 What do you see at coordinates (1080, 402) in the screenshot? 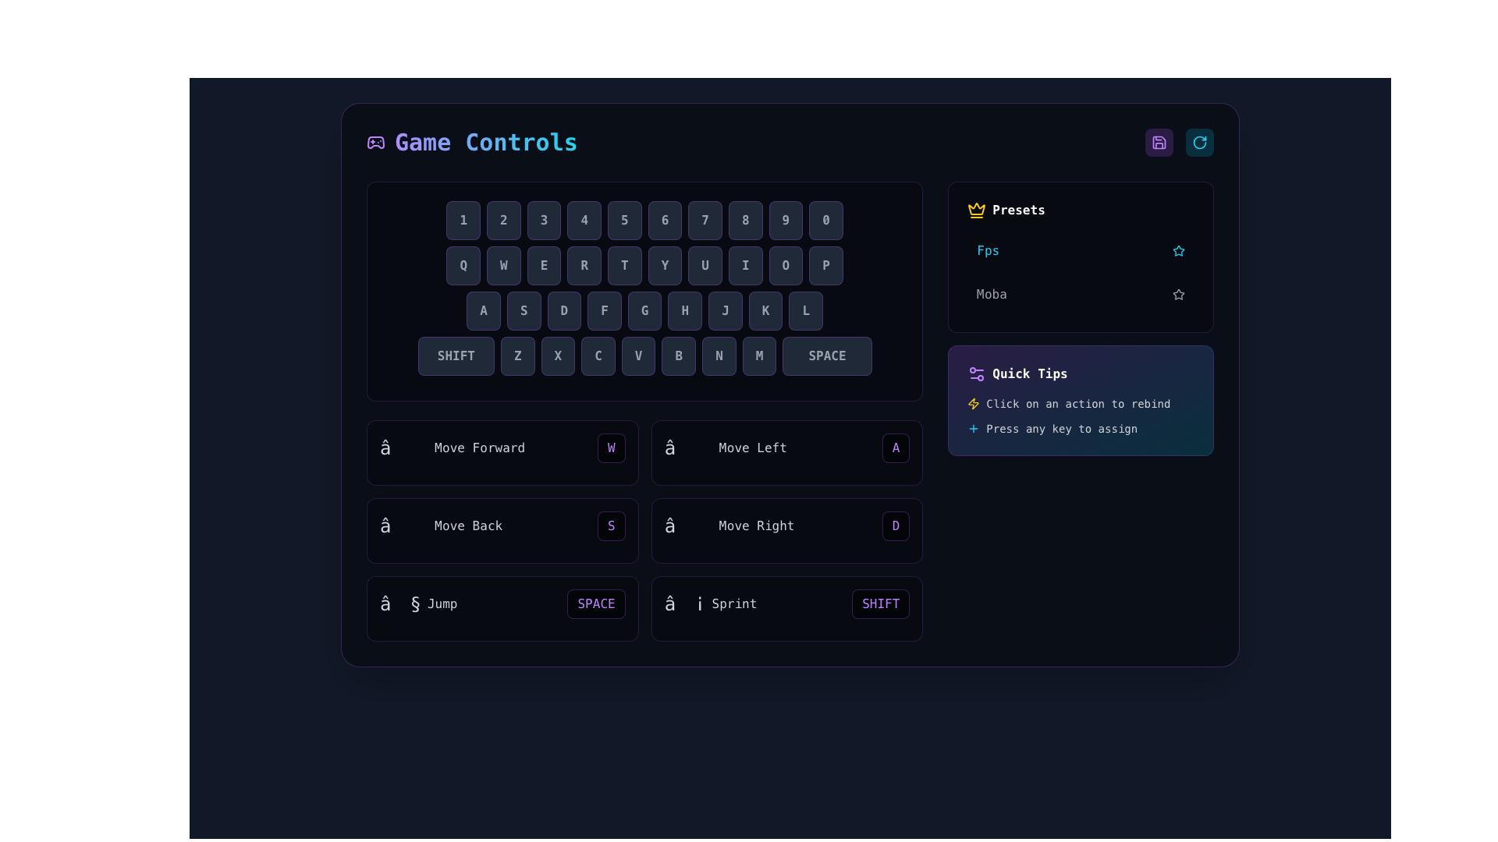
I see `instructional text displaying 'Click on an action to rebind' which is accompanied by a yellow lightning bolt icon, located in the 'Quick Tips' section at the bottom right of the interface` at bounding box center [1080, 402].